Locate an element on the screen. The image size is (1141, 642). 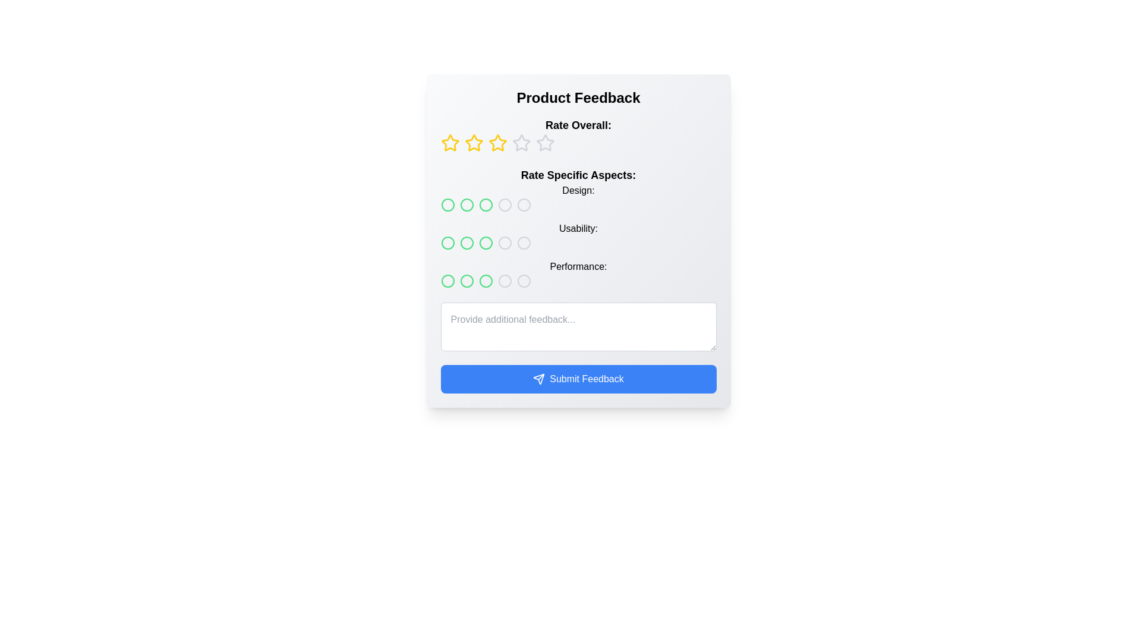
the fourth radio button in the third row of rating controls under the section labeled 'Rate Specific Aspects:', which is associated with the 'Performance' category is located at coordinates (505, 281).